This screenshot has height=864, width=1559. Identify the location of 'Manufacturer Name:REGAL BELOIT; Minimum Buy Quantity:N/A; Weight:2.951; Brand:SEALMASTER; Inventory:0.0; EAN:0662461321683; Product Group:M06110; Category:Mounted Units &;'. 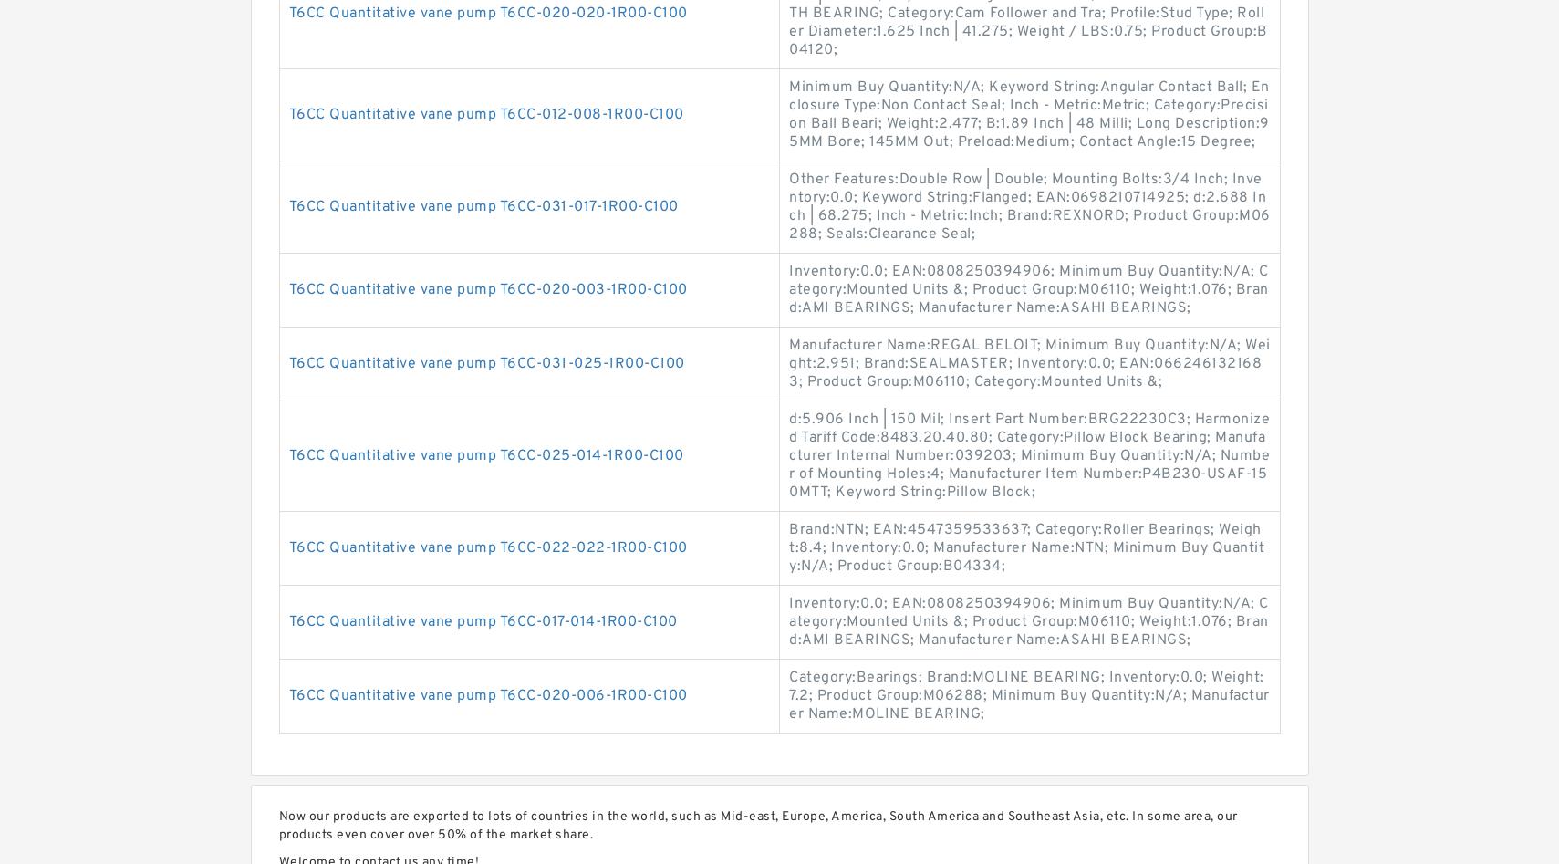
(1029, 363).